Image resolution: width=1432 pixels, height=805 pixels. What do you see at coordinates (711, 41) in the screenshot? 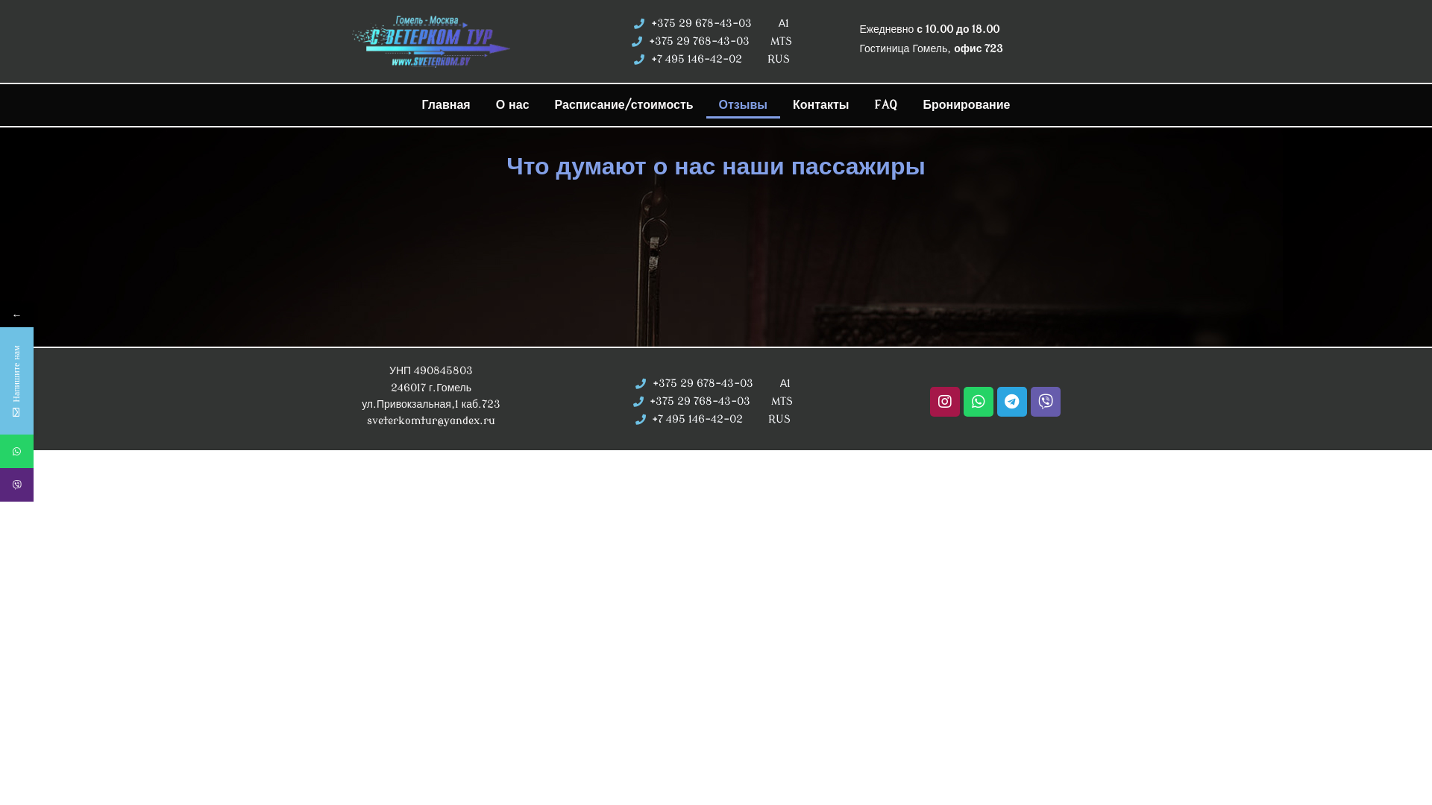
I see `'+375 29 768-43-03   MTS'` at bounding box center [711, 41].